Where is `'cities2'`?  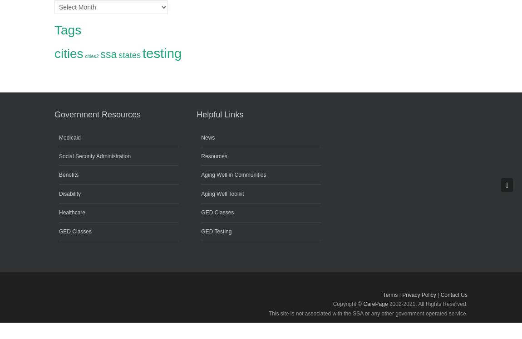 'cities2' is located at coordinates (91, 55).